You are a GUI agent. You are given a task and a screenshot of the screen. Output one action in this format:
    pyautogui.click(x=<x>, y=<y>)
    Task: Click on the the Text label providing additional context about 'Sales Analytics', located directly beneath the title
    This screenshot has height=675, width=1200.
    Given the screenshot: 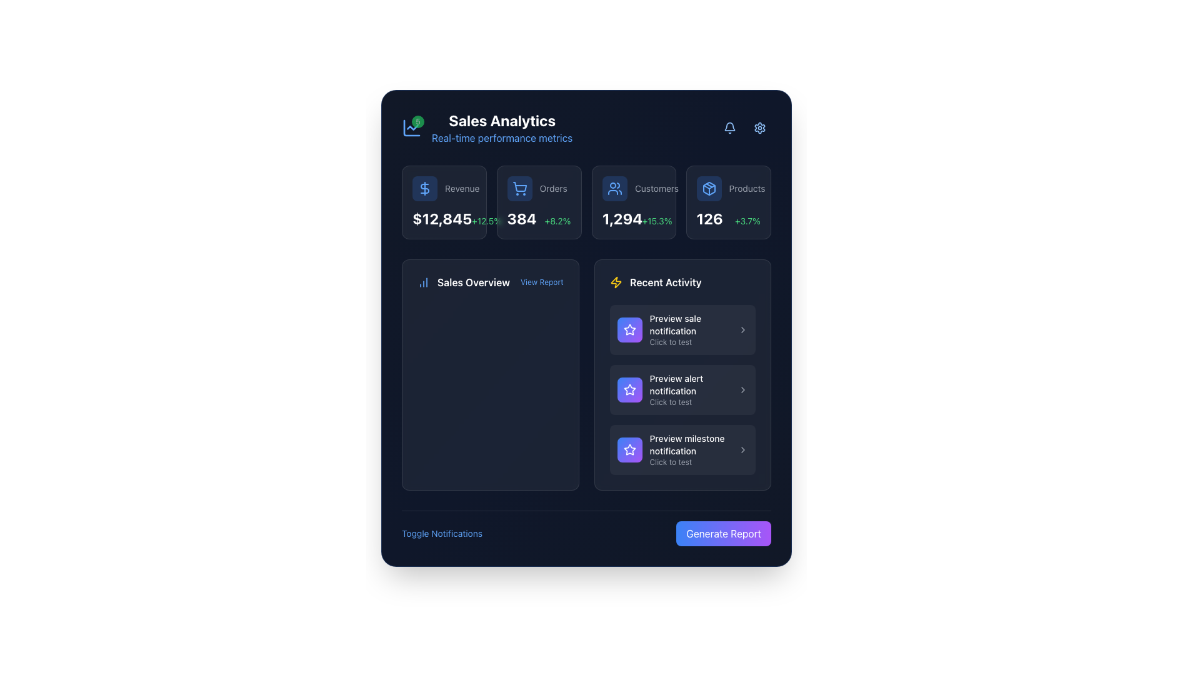 What is the action you would take?
    pyautogui.click(x=502, y=137)
    